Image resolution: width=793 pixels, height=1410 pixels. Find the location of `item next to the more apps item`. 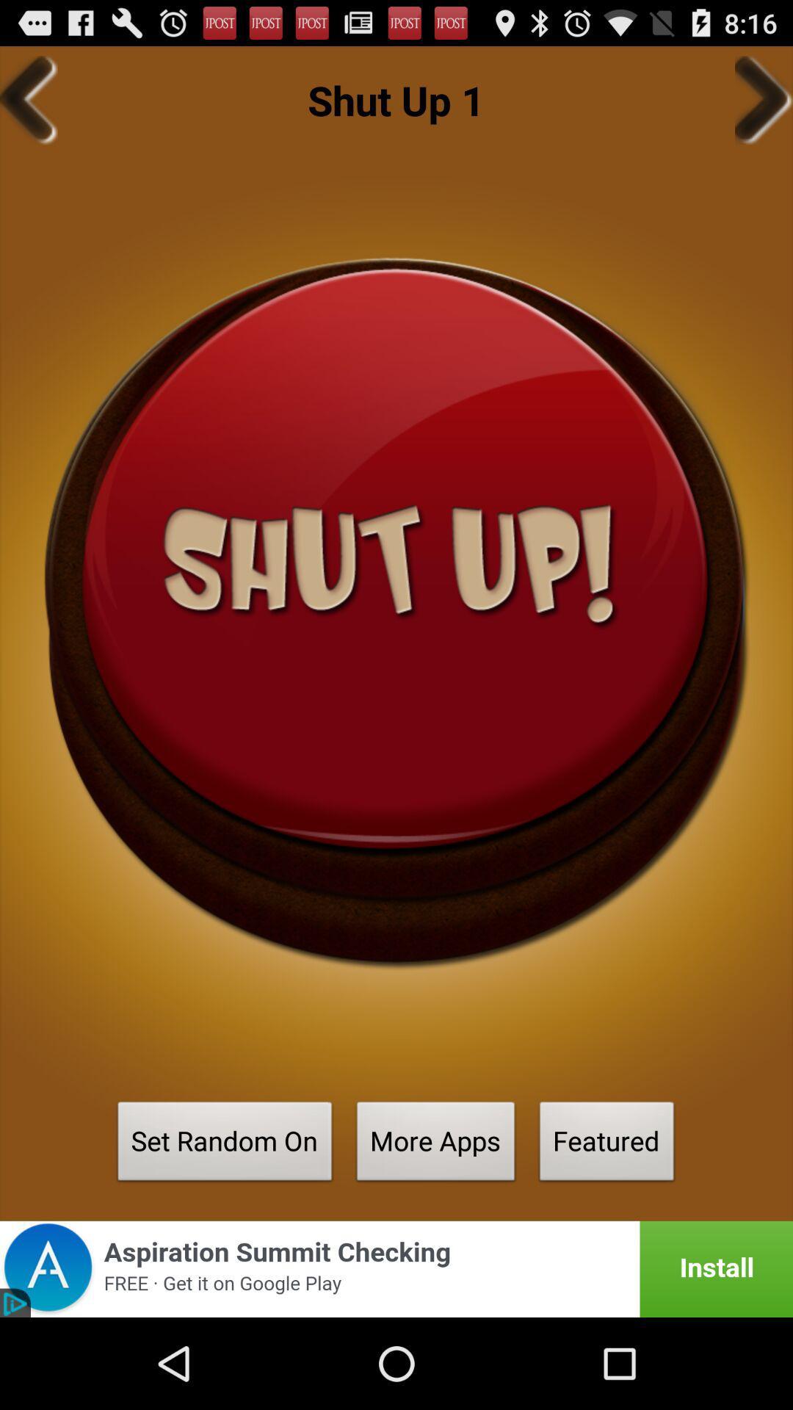

item next to the more apps item is located at coordinates (606, 1145).